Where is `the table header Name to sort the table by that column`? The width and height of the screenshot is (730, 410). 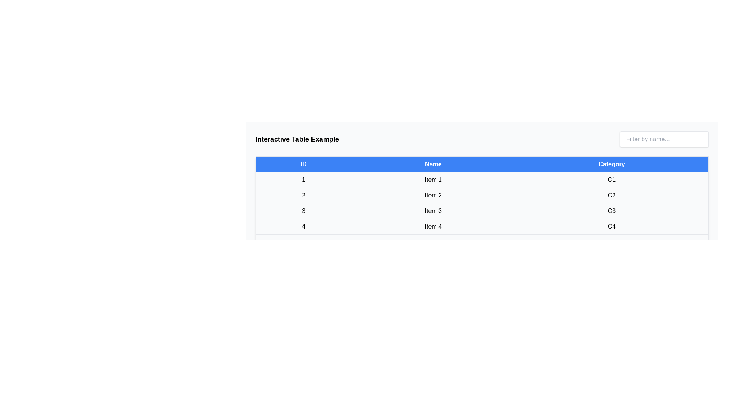
the table header Name to sort the table by that column is located at coordinates (433, 164).